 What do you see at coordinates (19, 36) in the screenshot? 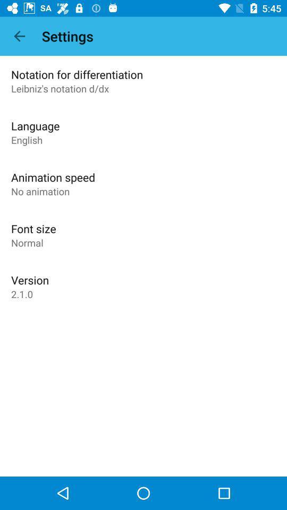
I see `item to the left of settings icon` at bounding box center [19, 36].